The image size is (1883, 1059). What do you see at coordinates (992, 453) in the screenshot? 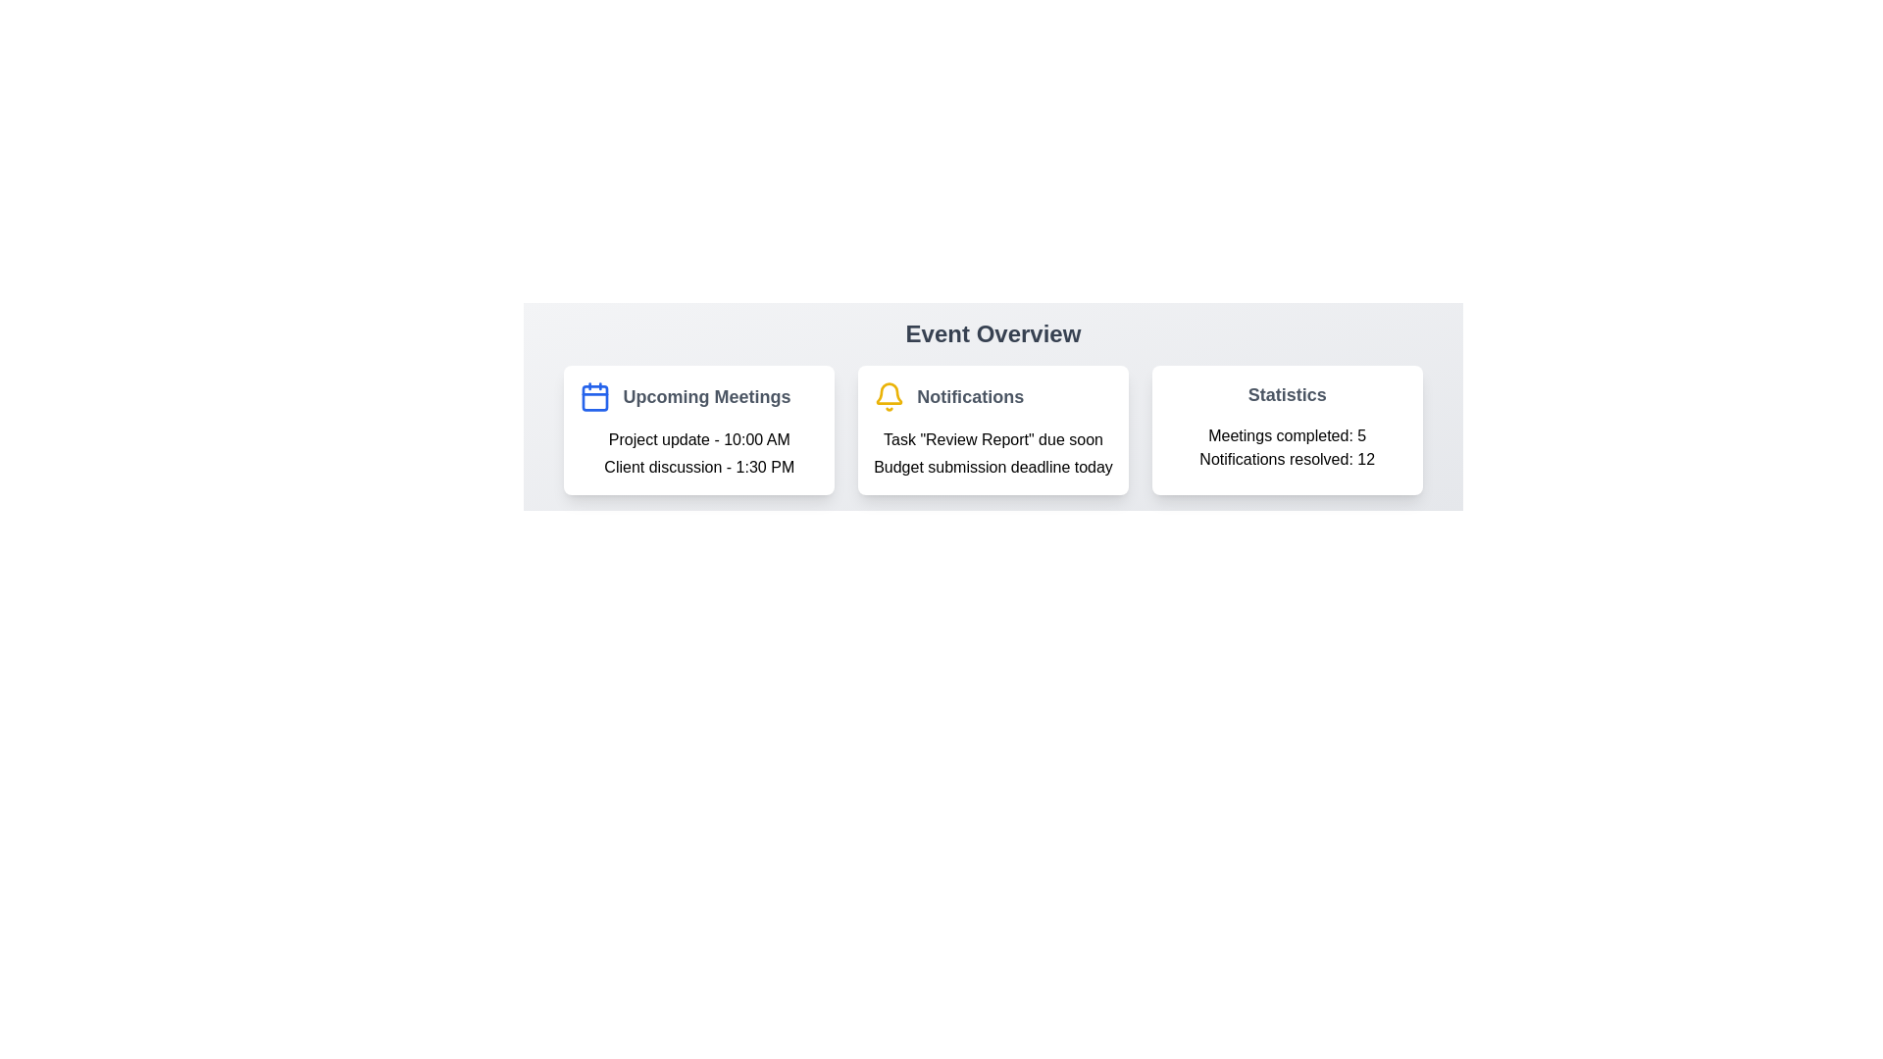
I see `information displayed in the Text block located within the 'Notifications' card, positioned below the card's title 'Notifications.'` at bounding box center [992, 453].